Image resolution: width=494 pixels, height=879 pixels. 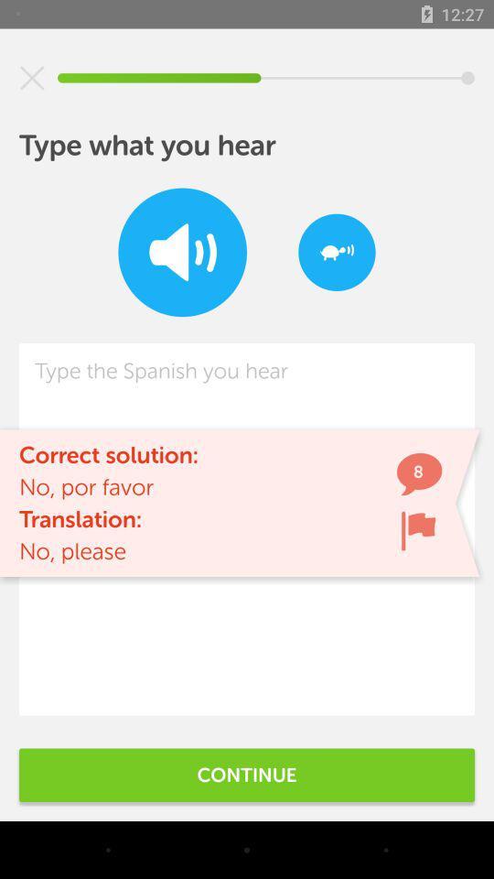 What do you see at coordinates (418, 530) in the screenshot?
I see `icon next to no, por favor icon` at bounding box center [418, 530].